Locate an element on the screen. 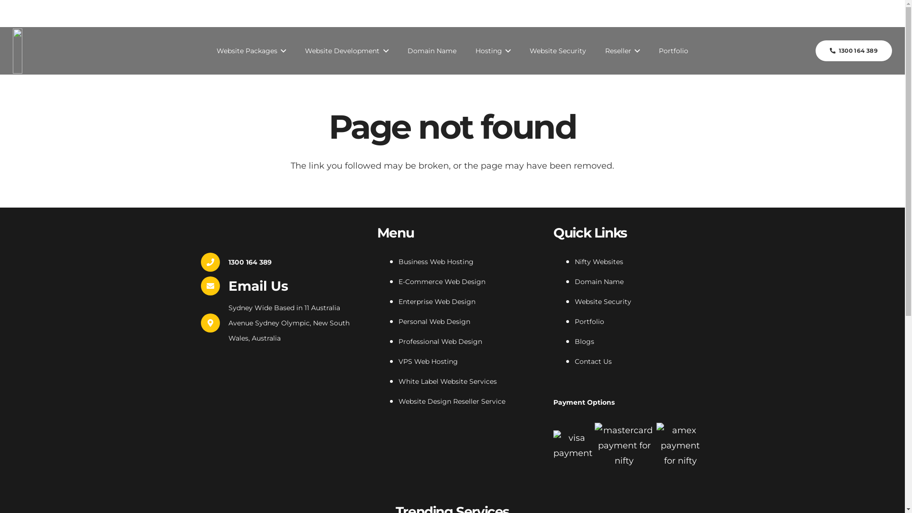  'Portfolio' is located at coordinates (589, 321).